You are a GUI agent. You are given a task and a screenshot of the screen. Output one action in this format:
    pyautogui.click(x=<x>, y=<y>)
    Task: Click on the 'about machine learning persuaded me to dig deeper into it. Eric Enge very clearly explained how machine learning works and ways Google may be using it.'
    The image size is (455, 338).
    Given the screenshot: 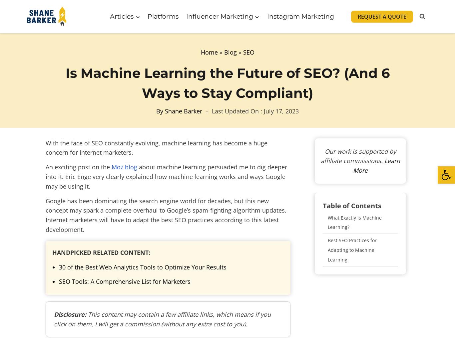 What is the action you would take?
    pyautogui.click(x=166, y=176)
    